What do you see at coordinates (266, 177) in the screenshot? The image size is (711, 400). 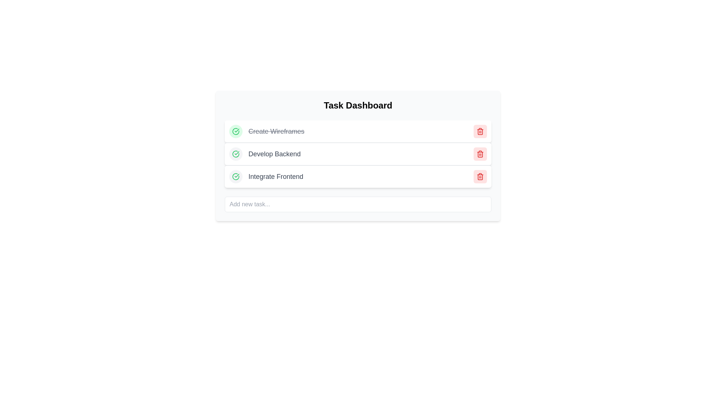 I see `the task labeled 'Integrate Frontend' in the task dashboard` at bounding box center [266, 177].